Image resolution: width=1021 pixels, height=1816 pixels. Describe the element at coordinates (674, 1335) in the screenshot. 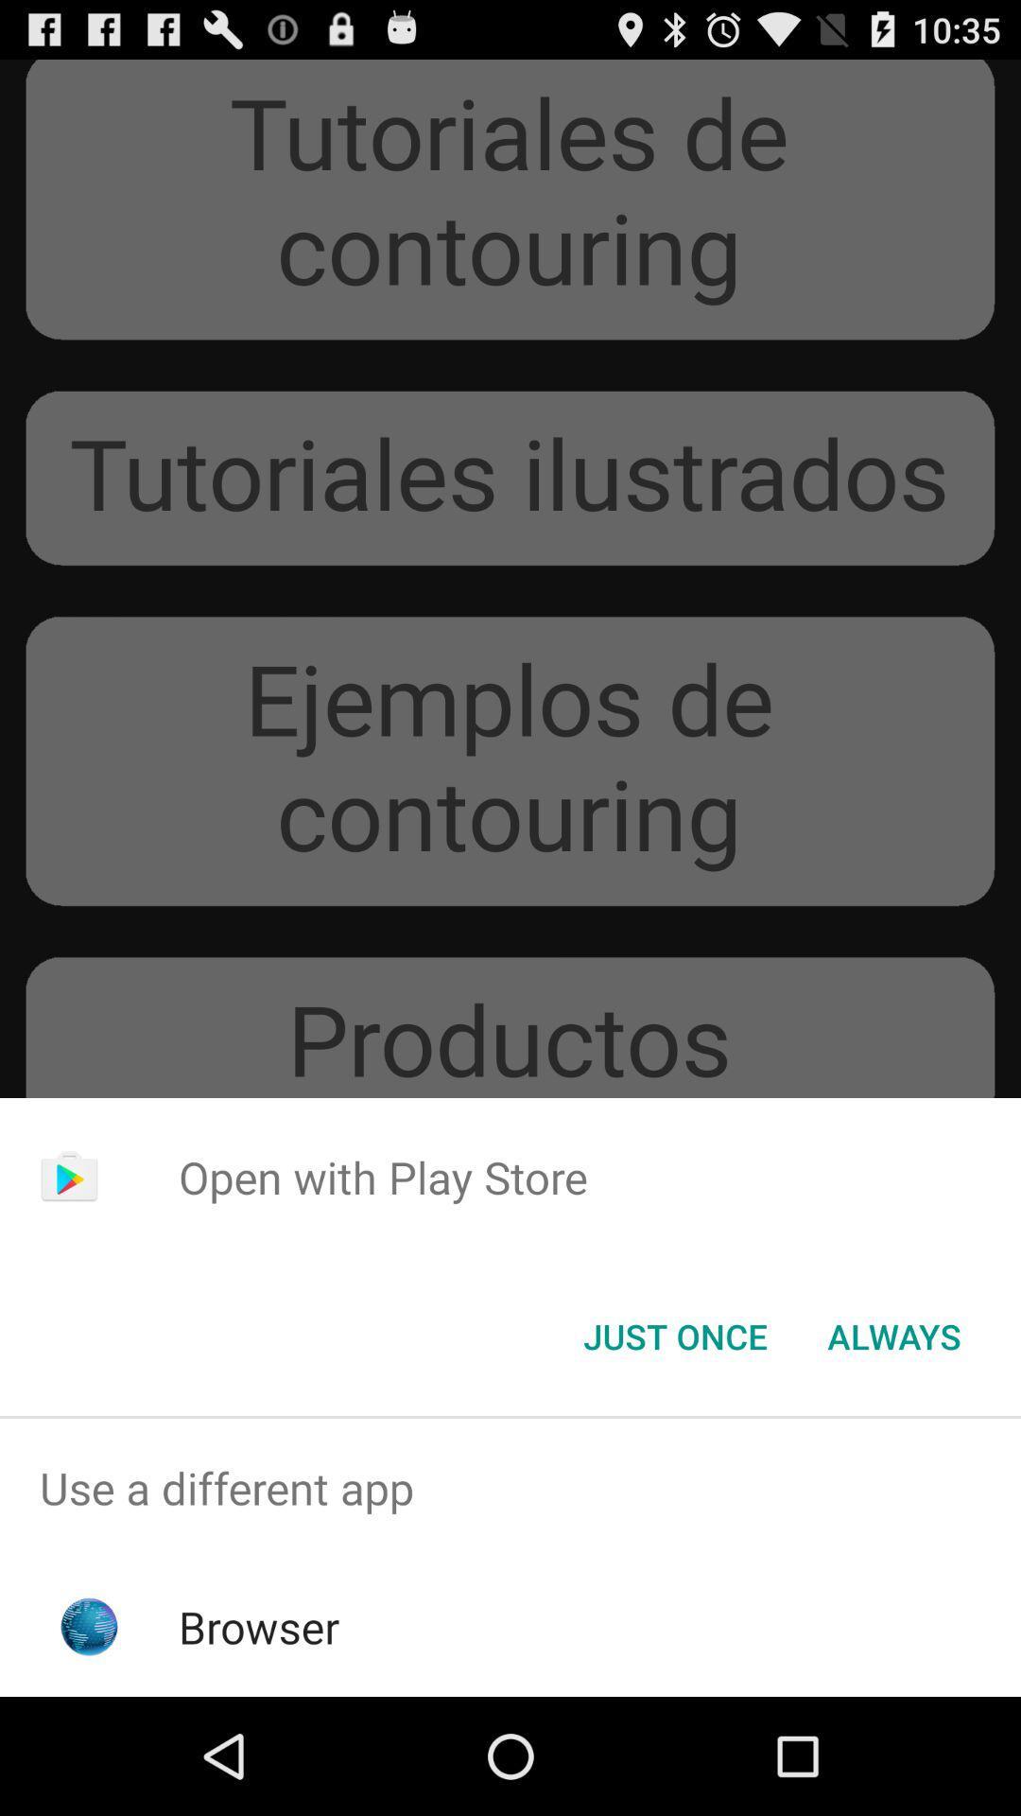

I see `icon next to always button` at that location.